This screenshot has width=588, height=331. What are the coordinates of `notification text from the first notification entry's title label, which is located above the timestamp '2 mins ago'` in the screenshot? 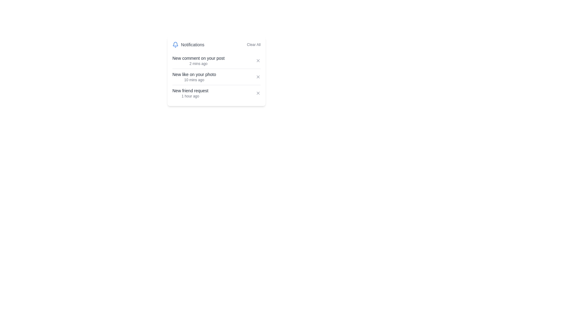 It's located at (198, 58).